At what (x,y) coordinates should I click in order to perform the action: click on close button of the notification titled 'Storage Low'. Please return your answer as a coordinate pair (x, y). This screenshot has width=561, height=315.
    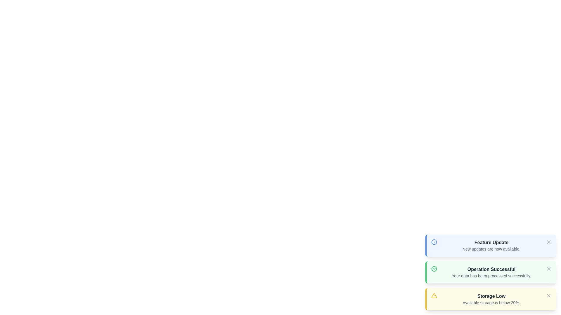
    Looking at the image, I should click on (548, 296).